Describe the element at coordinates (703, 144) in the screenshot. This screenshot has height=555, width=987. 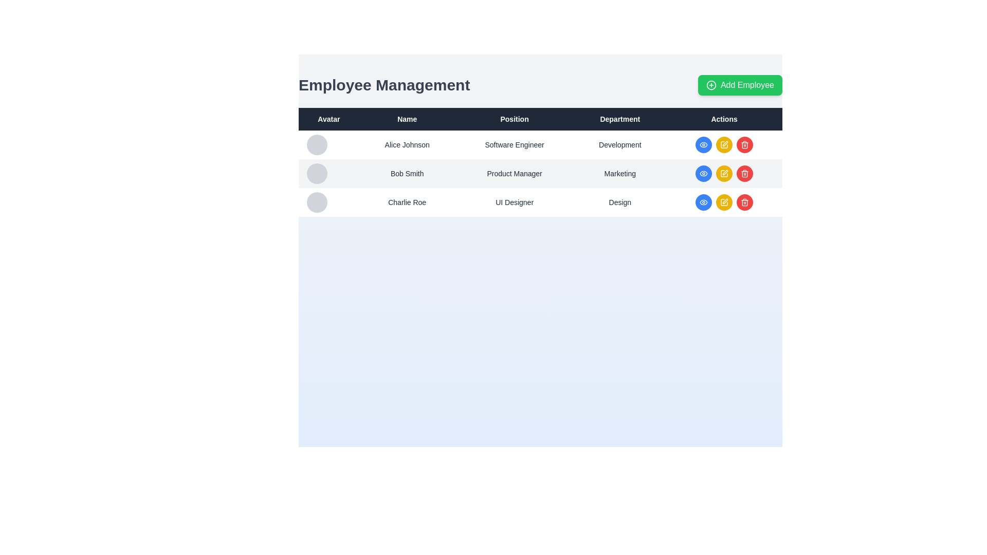
I see `the blue circular button with an eye icon in the 'Actions' column of the second row for employee 'Bob Smith'` at that location.